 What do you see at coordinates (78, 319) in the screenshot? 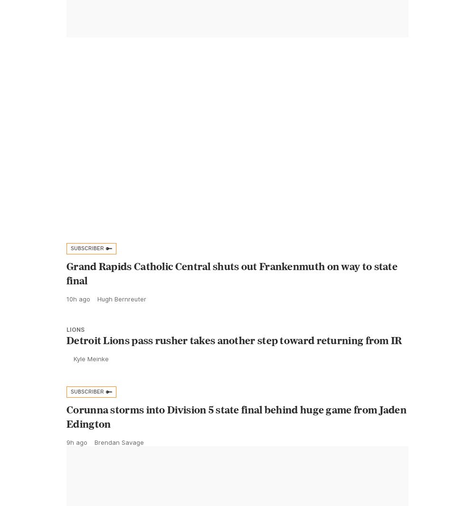
I see `'10h ago'` at bounding box center [78, 319].